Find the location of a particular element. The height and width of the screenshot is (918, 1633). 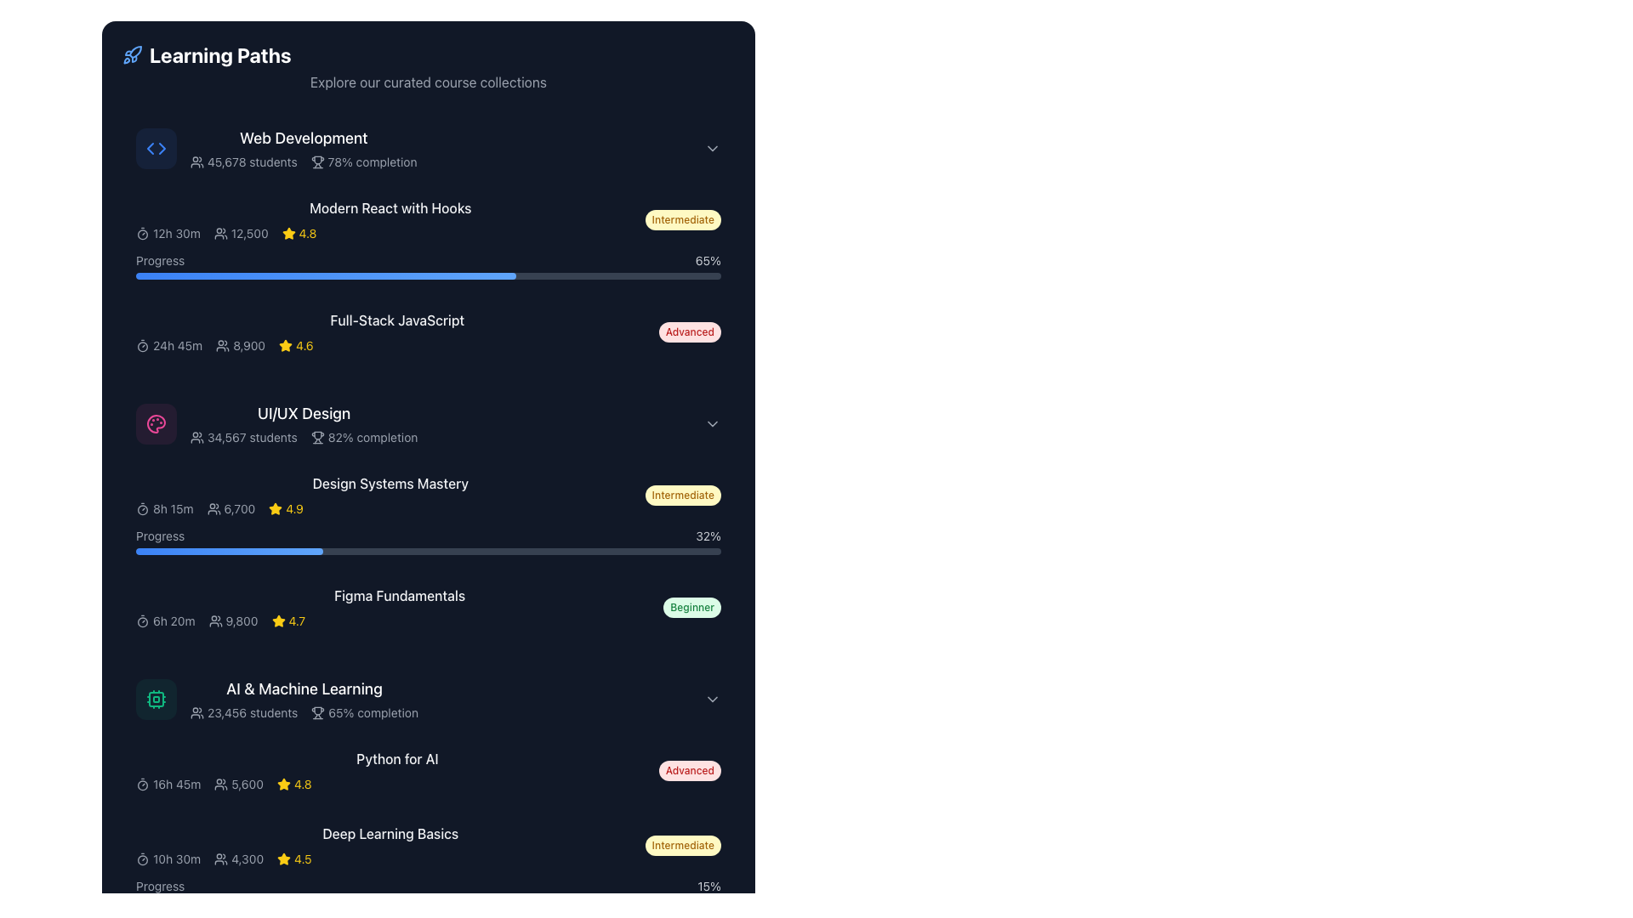

the informational display row next to the course title in the 'Deep Learning Basics' section, which provides details like duration, popularity, and rating is located at coordinates (390, 858).